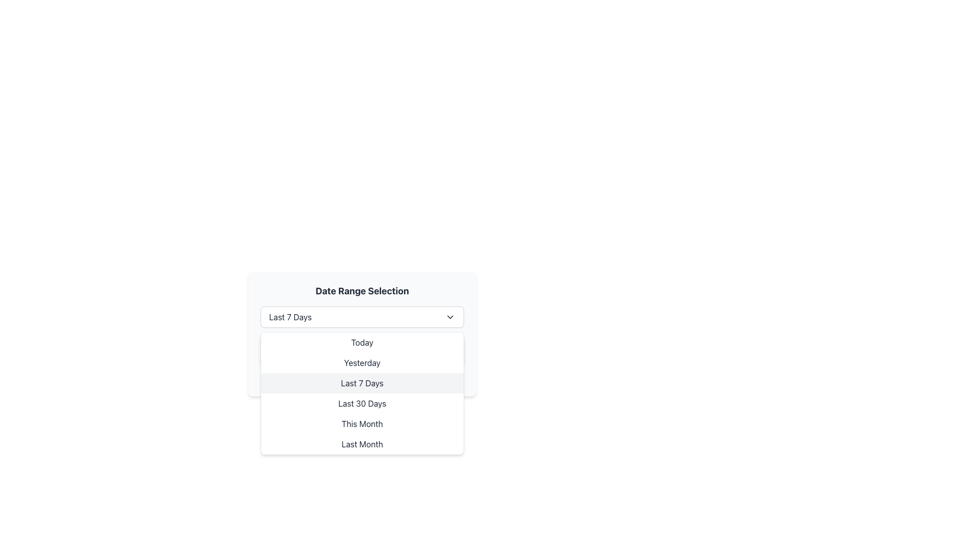 The width and height of the screenshot is (977, 549). I want to click on the 'This Month' selection option in the dropdown menu titled 'Date Range Selection', which is the fifth option in the list, so click(362, 423).